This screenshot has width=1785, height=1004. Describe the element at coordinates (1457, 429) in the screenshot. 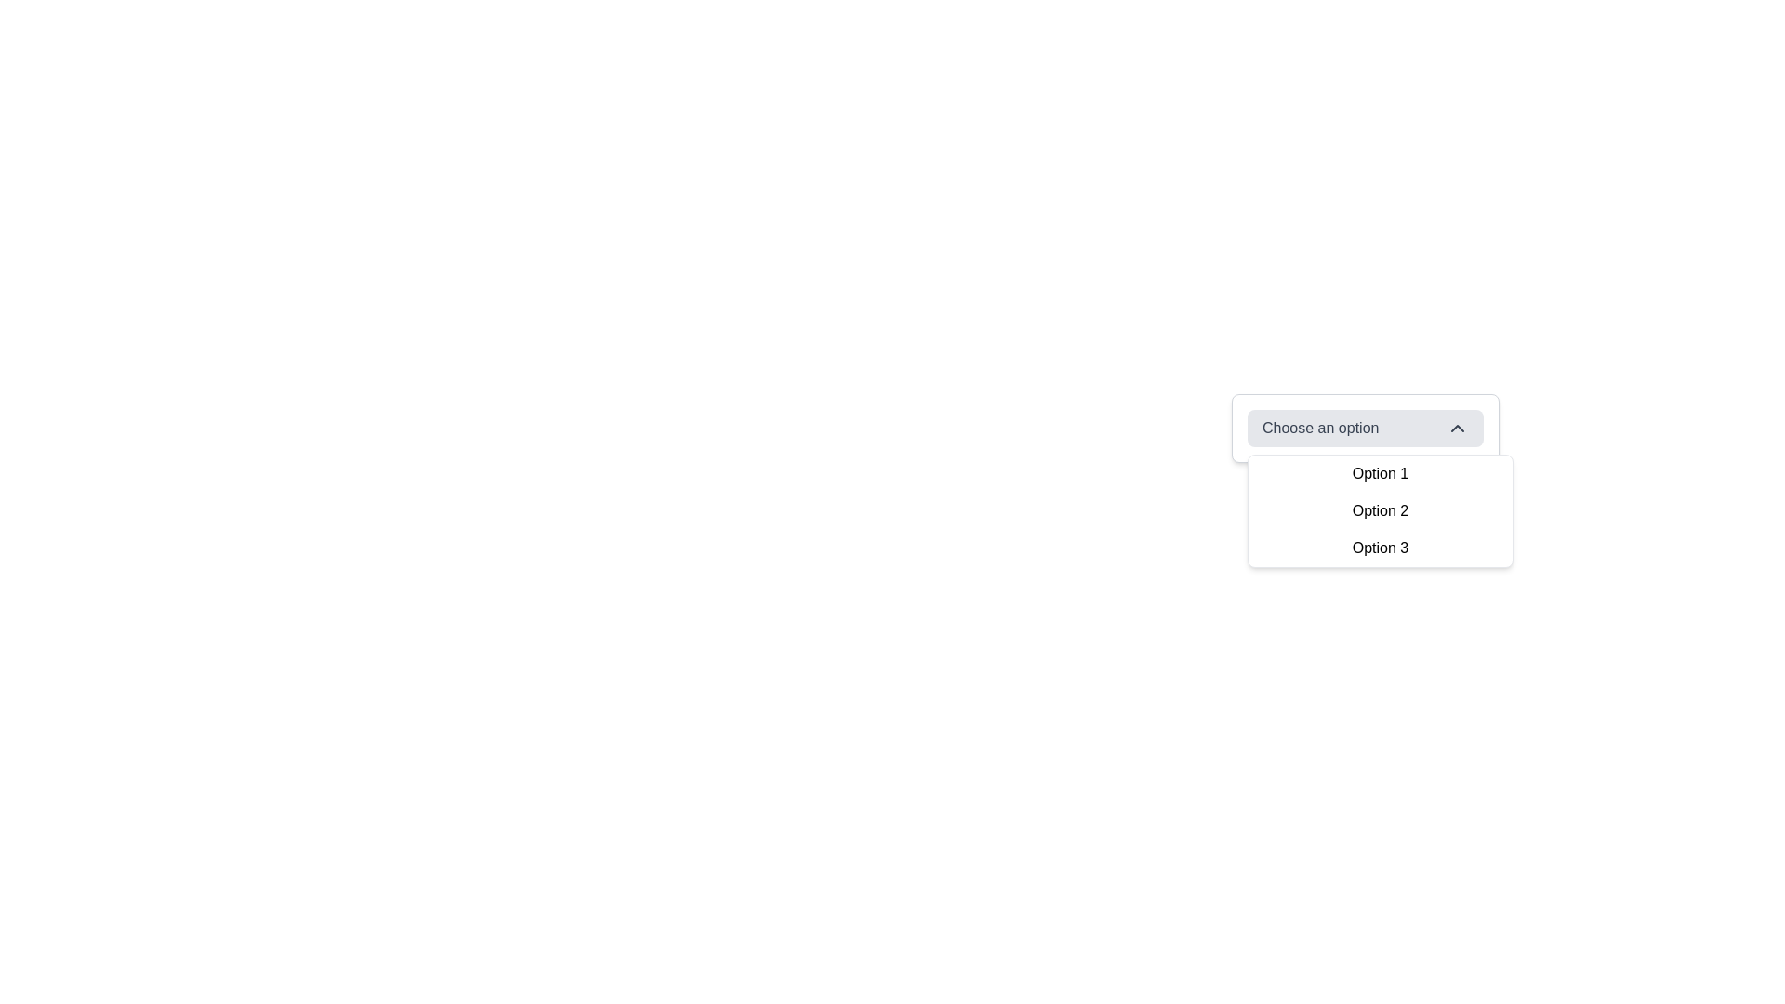

I see `the chevron-up icon located at the far right of the 'Choose an option' dropdown header` at that location.